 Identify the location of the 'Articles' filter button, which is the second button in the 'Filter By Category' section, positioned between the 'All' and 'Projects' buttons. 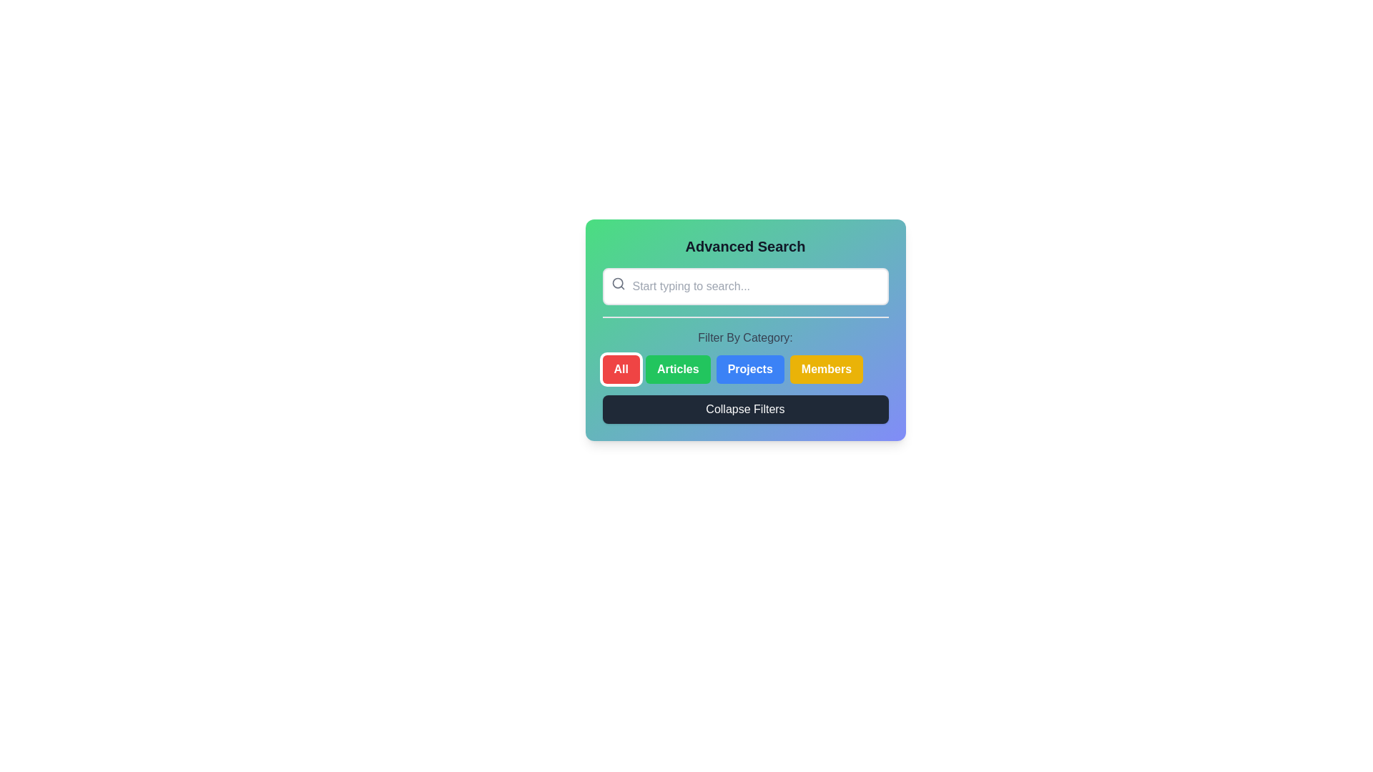
(677, 368).